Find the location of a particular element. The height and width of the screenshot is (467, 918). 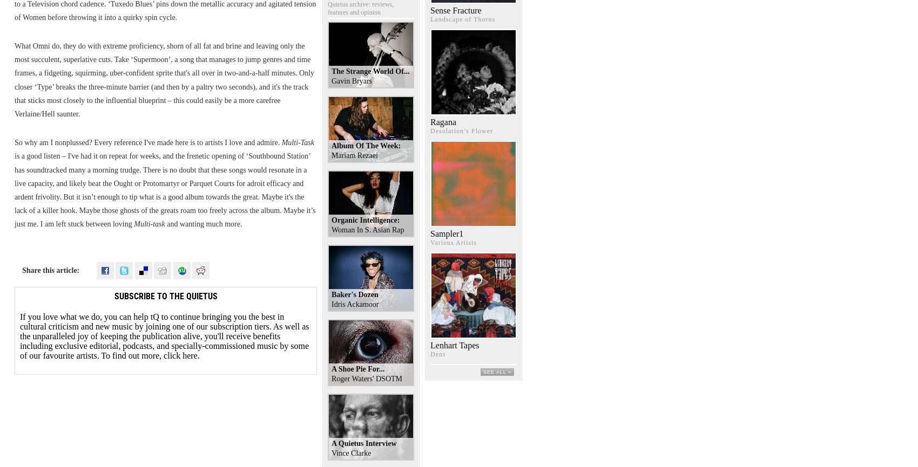

'Share this article:' is located at coordinates (51, 270).